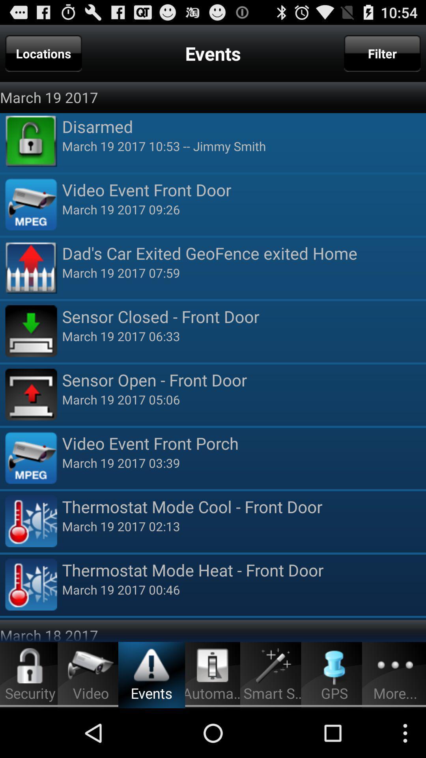 The height and width of the screenshot is (758, 426). I want to click on the item next to the events item, so click(43, 53).